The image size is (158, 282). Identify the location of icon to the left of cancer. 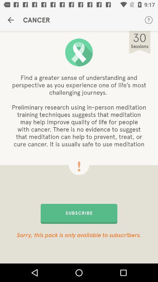
(11, 20).